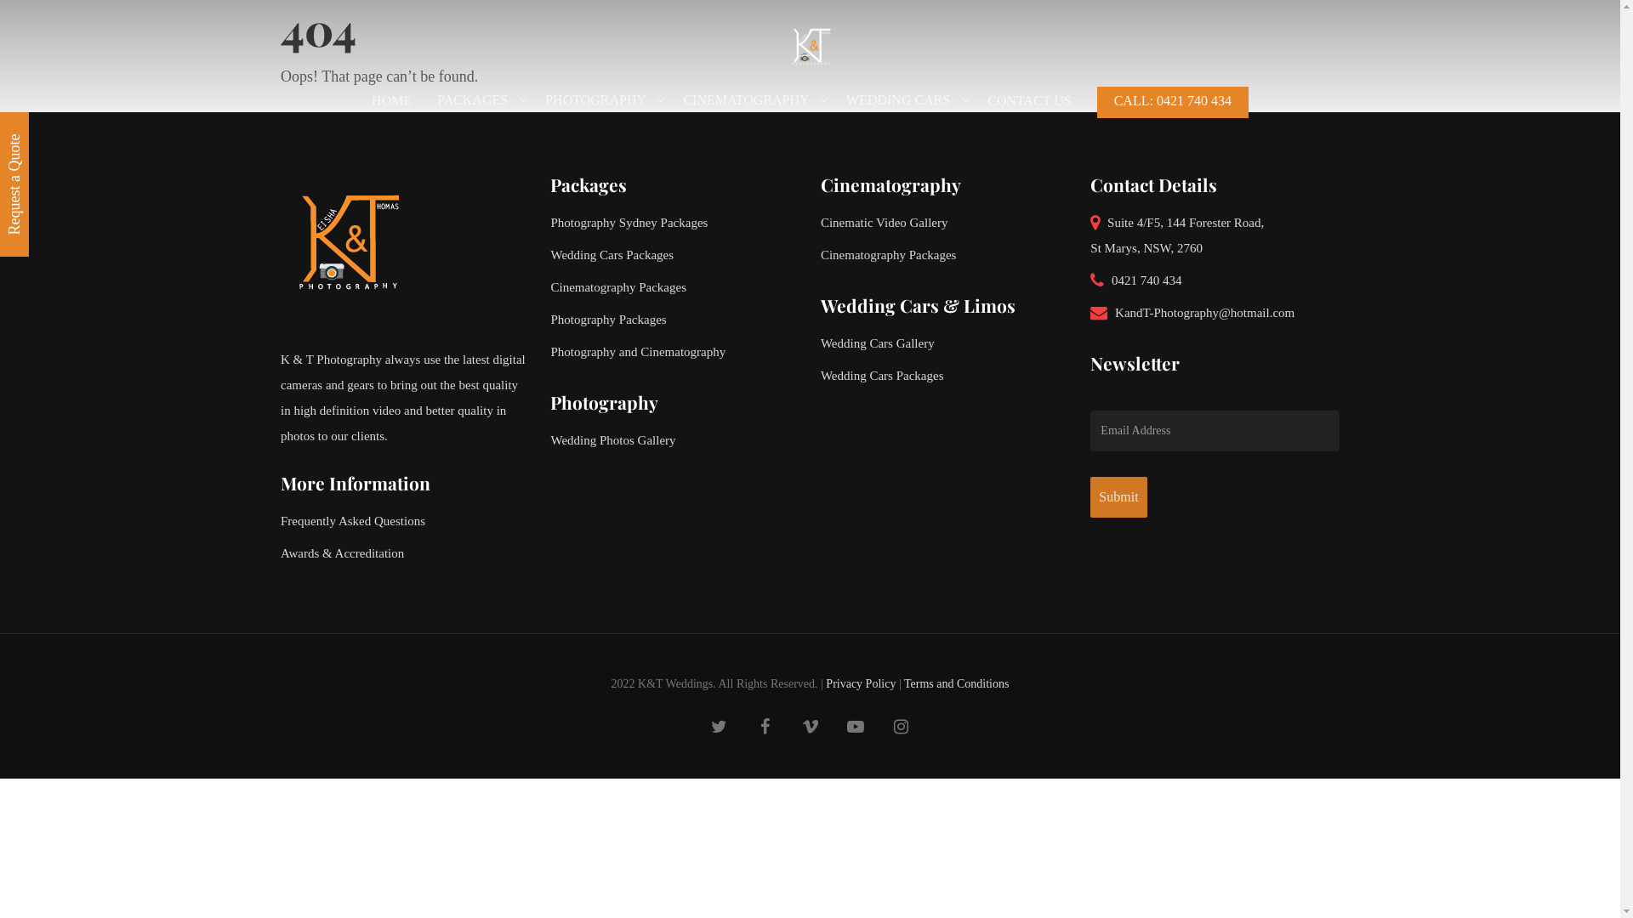  Describe the element at coordinates (390, 109) in the screenshot. I see `'HOME'` at that location.